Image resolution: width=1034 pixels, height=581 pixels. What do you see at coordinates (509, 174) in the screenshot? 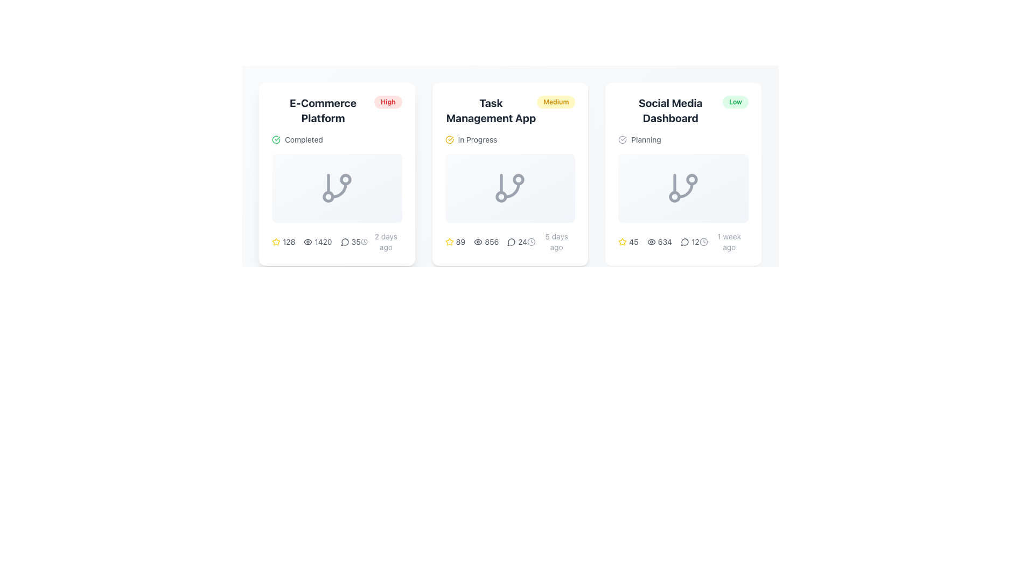
I see `the icon located in the middle column of a three-column grid layout, directly under the 'Task Management App' title and above the task statistics section` at bounding box center [509, 174].